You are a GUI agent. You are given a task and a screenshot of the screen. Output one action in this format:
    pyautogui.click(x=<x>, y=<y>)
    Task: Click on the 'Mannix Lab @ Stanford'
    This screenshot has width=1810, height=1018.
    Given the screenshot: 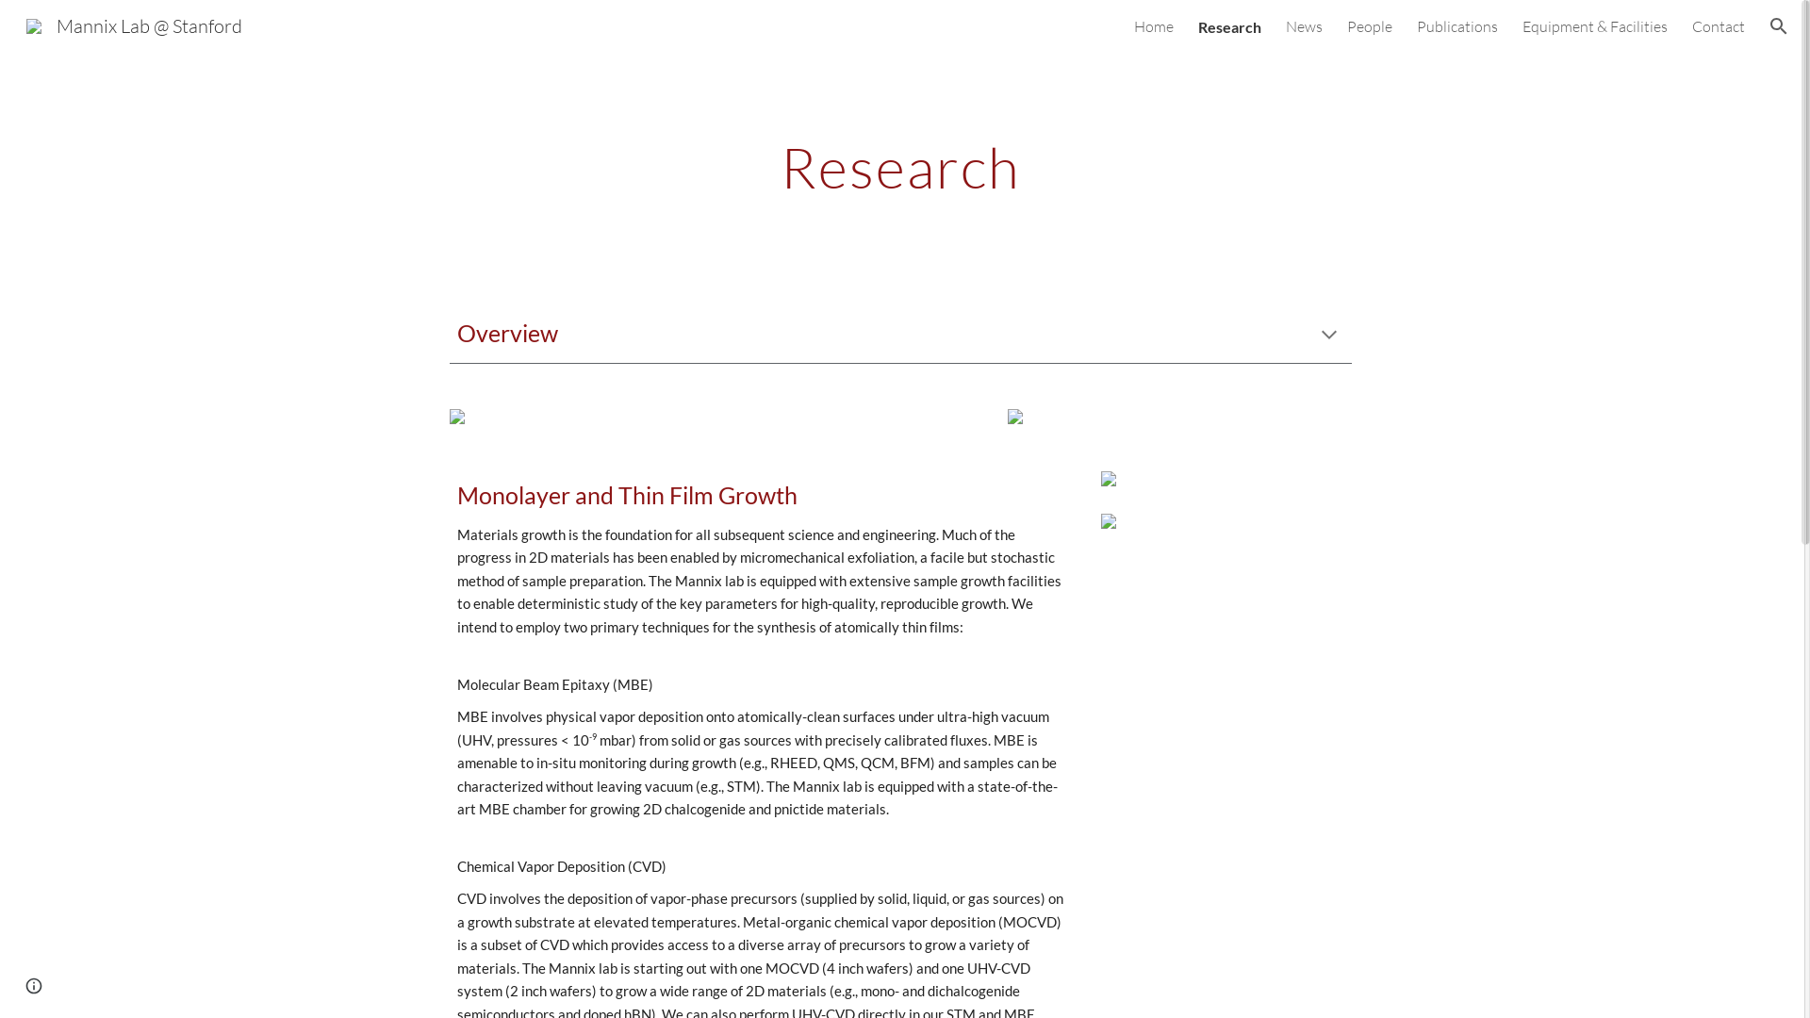 What is the action you would take?
    pyautogui.click(x=133, y=24)
    